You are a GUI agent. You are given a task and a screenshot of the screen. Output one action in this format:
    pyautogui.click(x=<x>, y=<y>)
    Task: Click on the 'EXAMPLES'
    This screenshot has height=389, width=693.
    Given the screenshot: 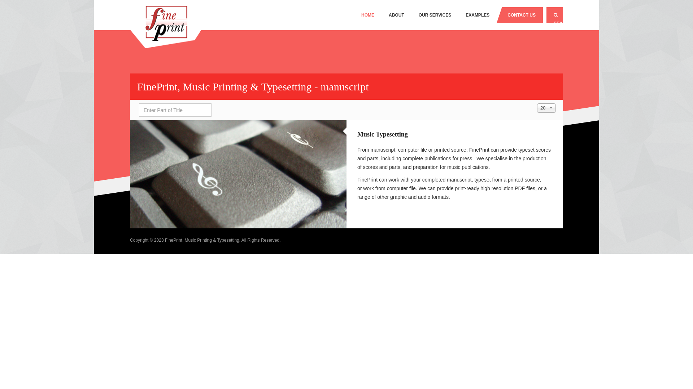 What is the action you would take?
    pyautogui.click(x=478, y=15)
    